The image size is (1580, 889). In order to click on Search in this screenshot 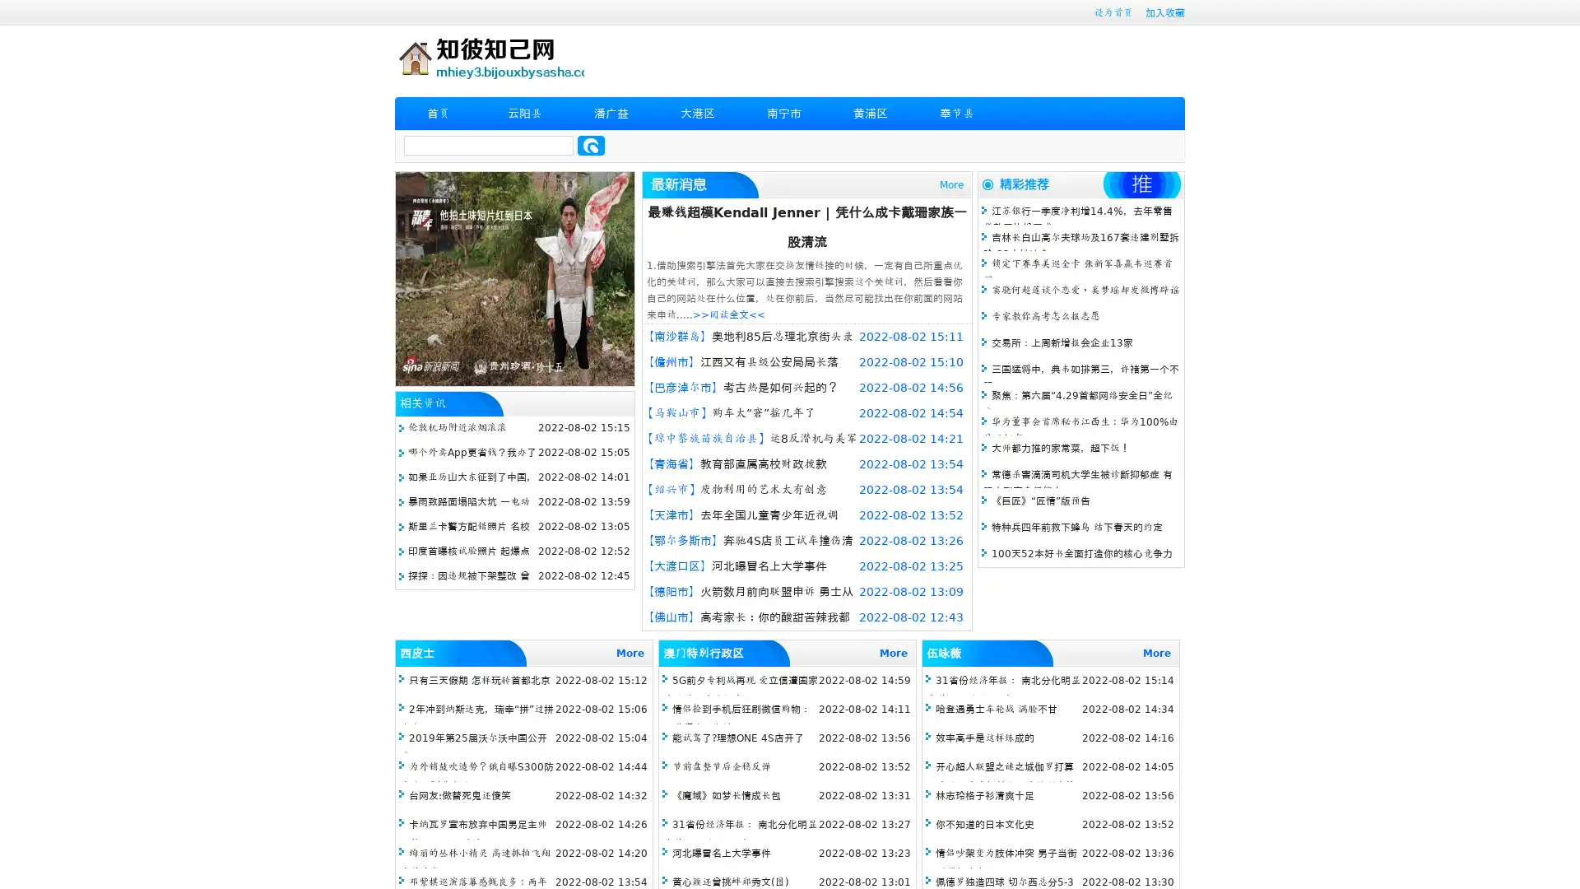, I will do `click(591, 145)`.